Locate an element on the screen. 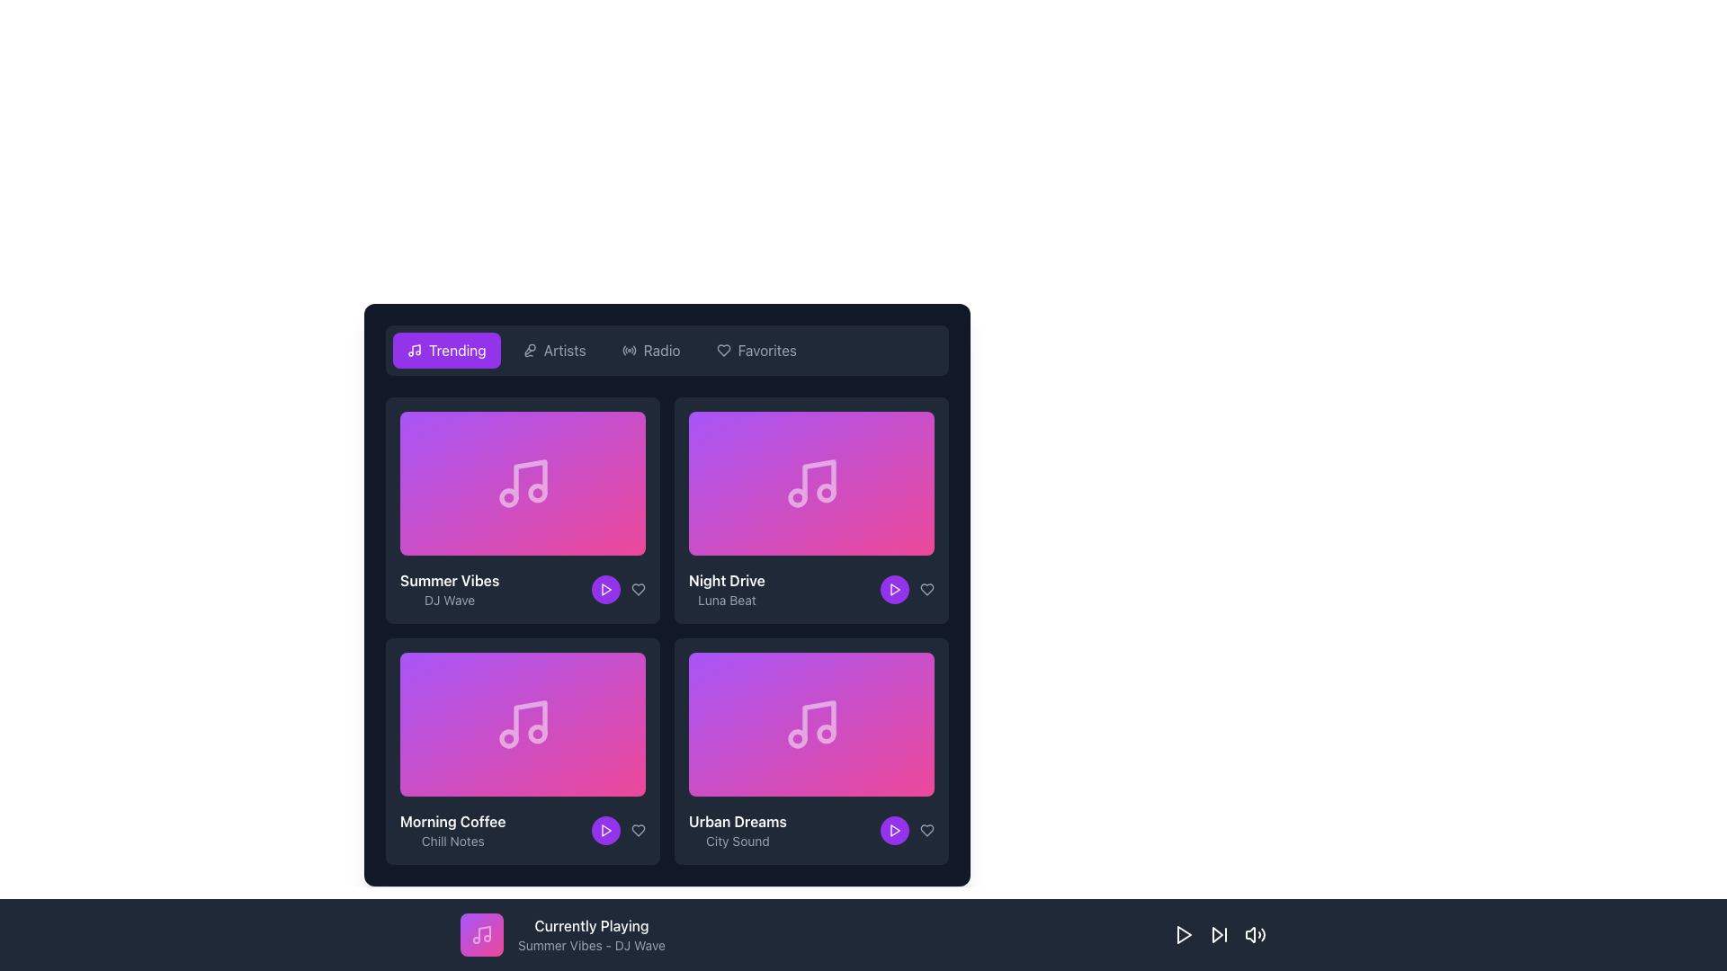 The width and height of the screenshot is (1727, 971). text from the top label of the rightmost music card in the bottom row of the grid, which serves as the title of a music track or category is located at coordinates (738, 822).